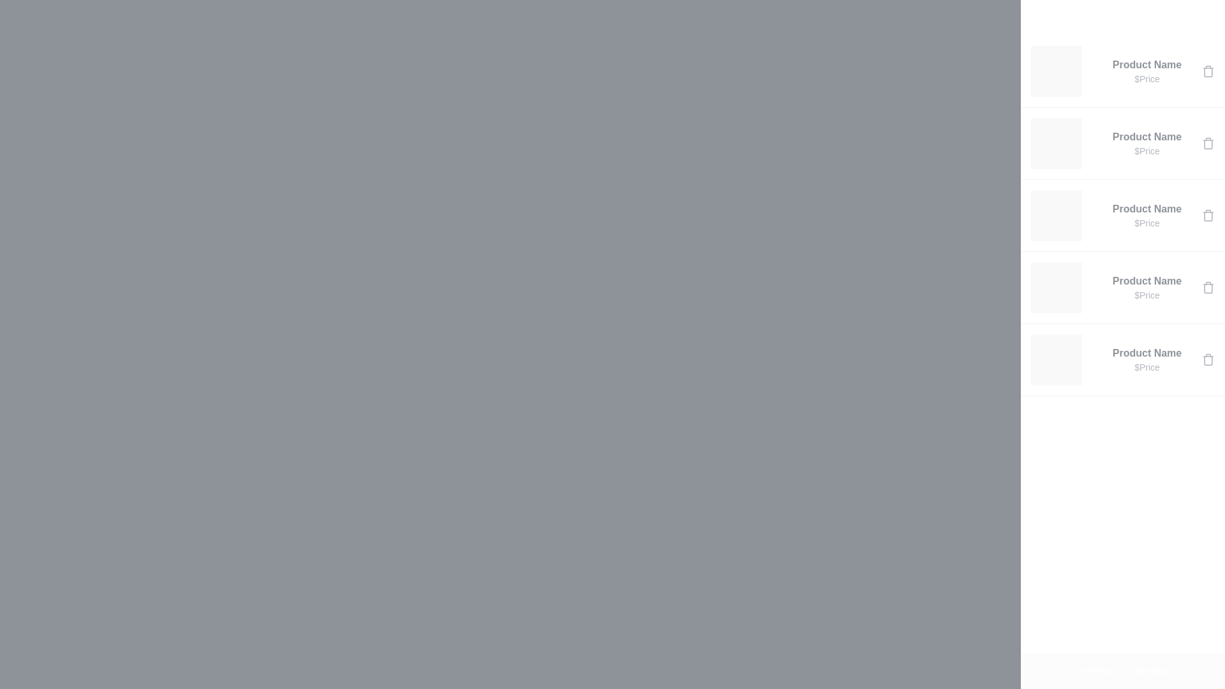  What do you see at coordinates (1147, 223) in the screenshot?
I see `the text label displaying '$Price', which is styled in a smaller font size and light gray color, located below 'Product Name' in the list item layout` at bounding box center [1147, 223].